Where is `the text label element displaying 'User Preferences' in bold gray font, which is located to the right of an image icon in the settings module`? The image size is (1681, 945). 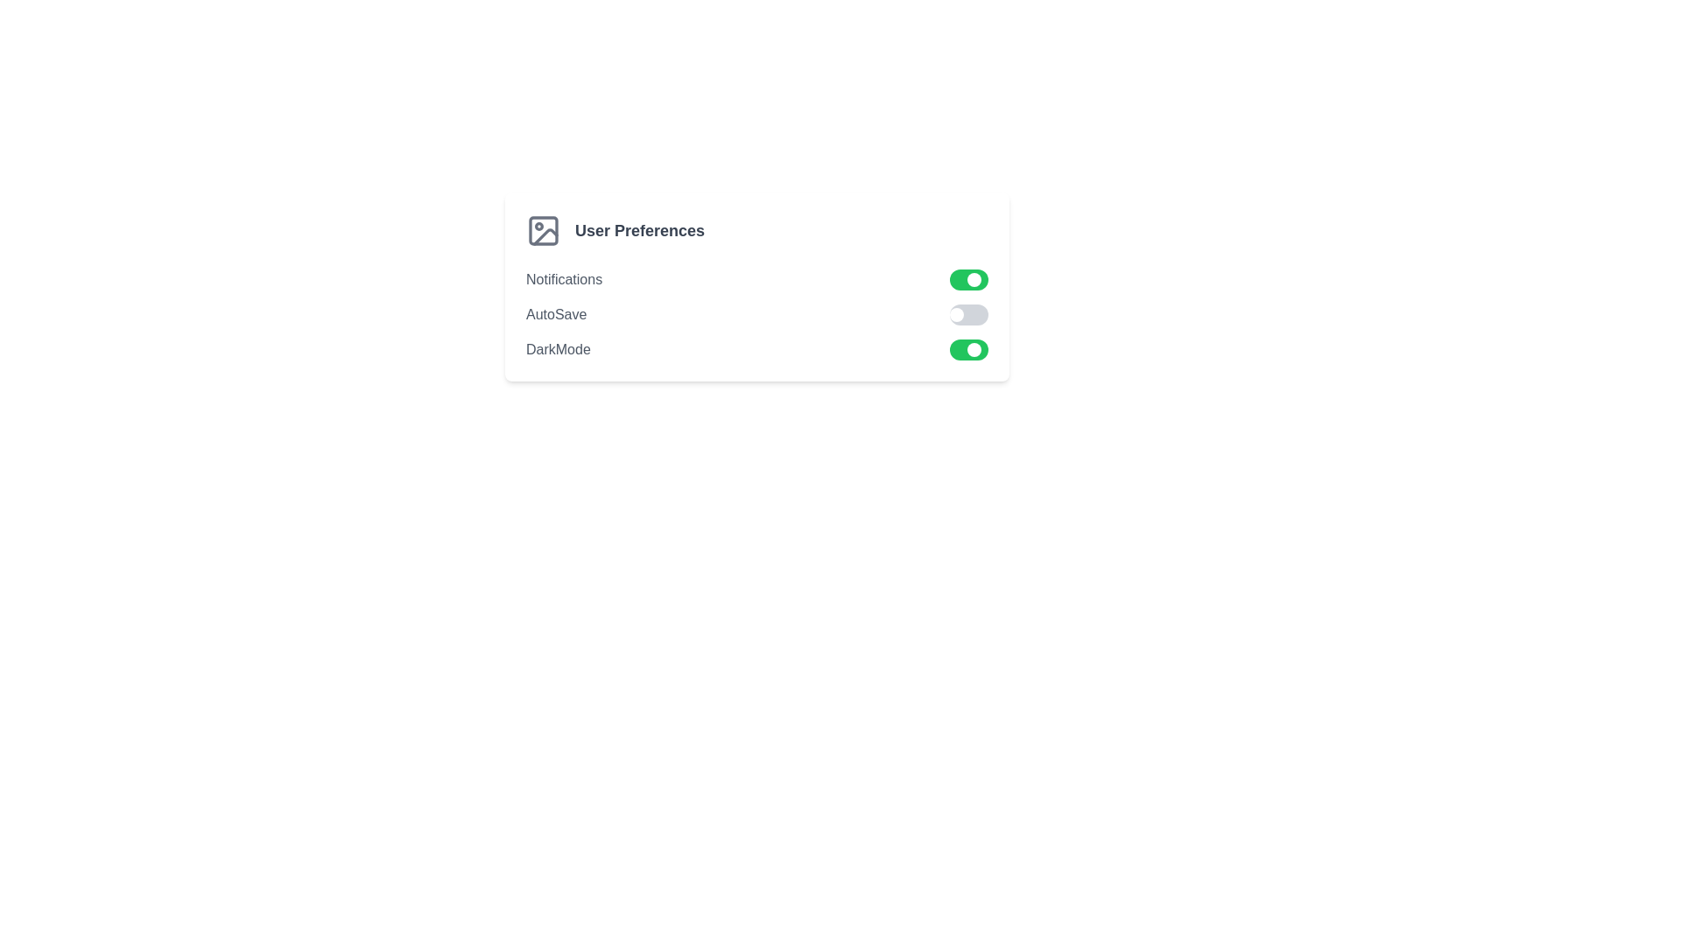
the text label element displaying 'User Preferences' in bold gray font, which is located to the right of an image icon in the settings module is located at coordinates (639, 229).